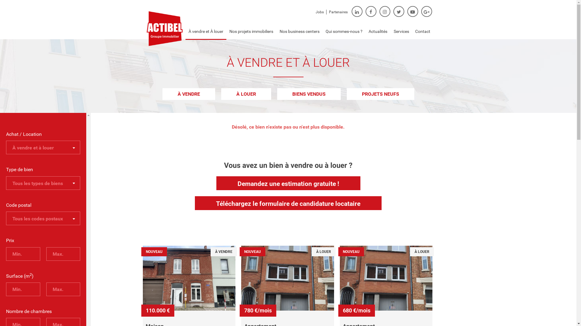  What do you see at coordinates (251, 31) in the screenshot?
I see `'Nos projets immobiliers'` at bounding box center [251, 31].